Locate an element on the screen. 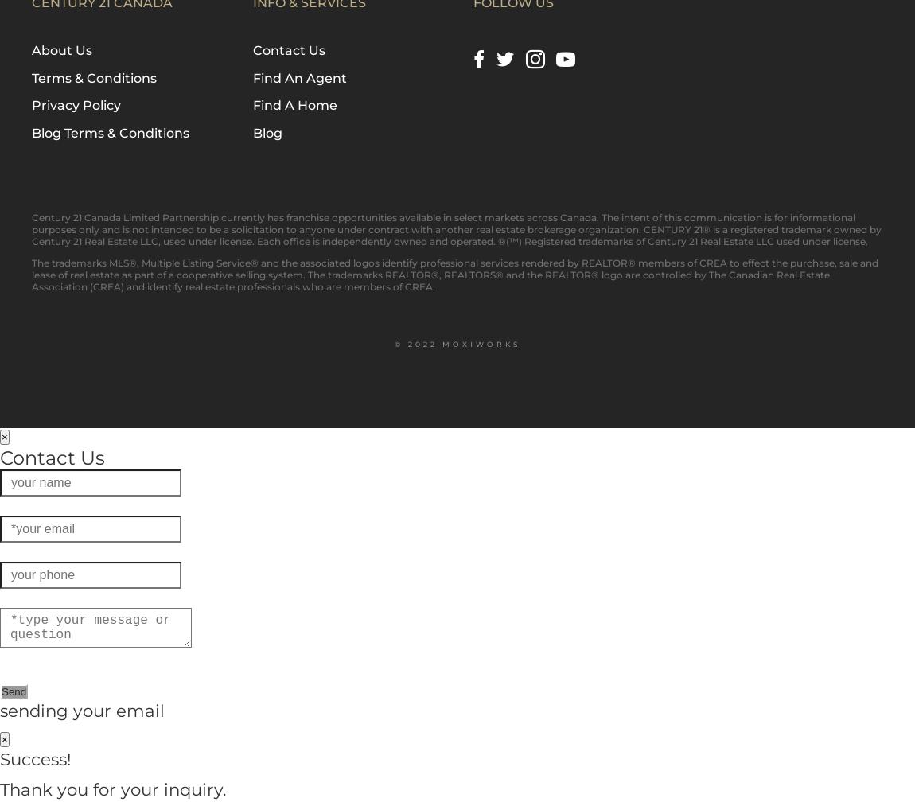 The width and height of the screenshot is (915, 810). 'Success!' is located at coordinates (34, 757).